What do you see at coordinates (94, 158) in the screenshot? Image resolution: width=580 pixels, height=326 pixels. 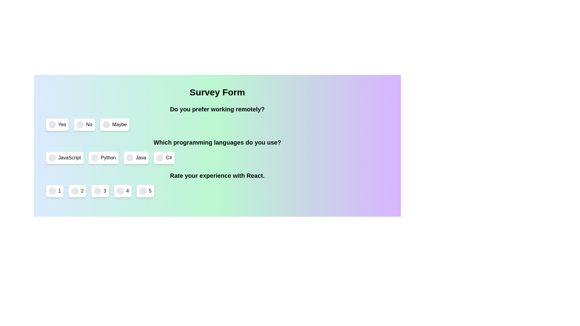 I see `the leftmost radio button for 'Python'` at bounding box center [94, 158].